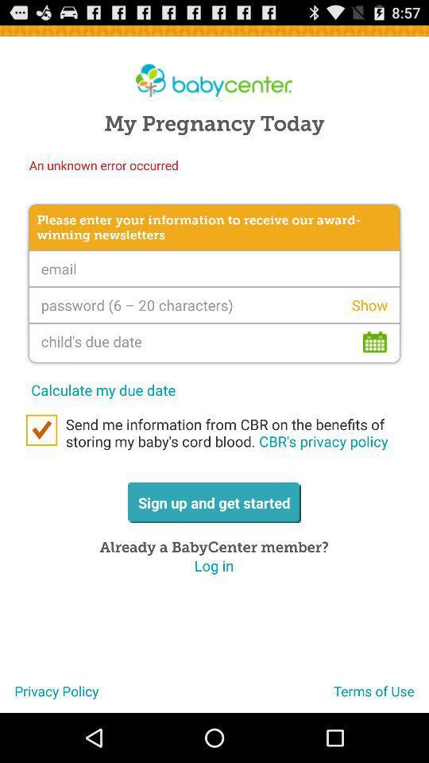 This screenshot has height=763, width=429. What do you see at coordinates (41, 430) in the screenshot?
I see `receiving information from cbr` at bounding box center [41, 430].